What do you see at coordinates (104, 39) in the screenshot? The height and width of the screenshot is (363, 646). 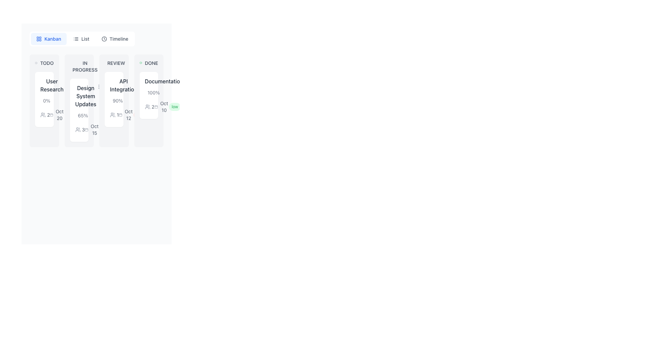 I see `the 'Timeline' icon, which is an SVG image representing the navigation option in the top-right section of the interface` at bounding box center [104, 39].